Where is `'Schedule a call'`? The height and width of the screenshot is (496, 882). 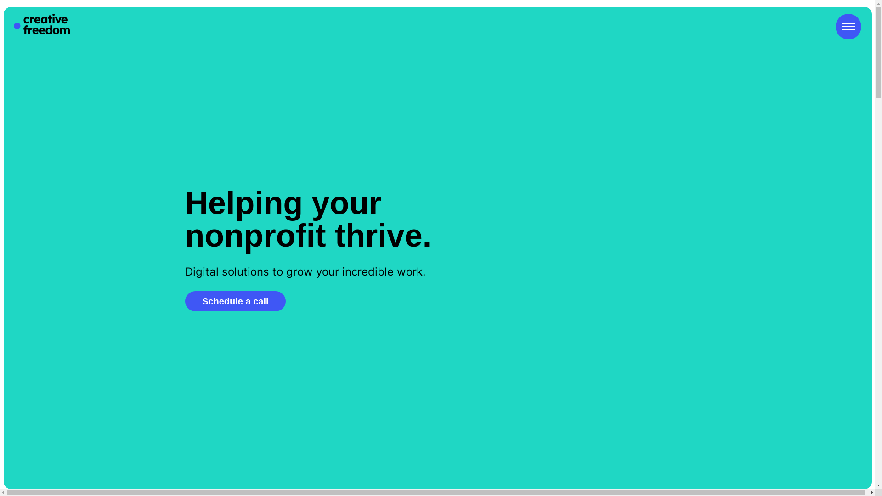
'Schedule a call' is located at coordinates (184, 301).